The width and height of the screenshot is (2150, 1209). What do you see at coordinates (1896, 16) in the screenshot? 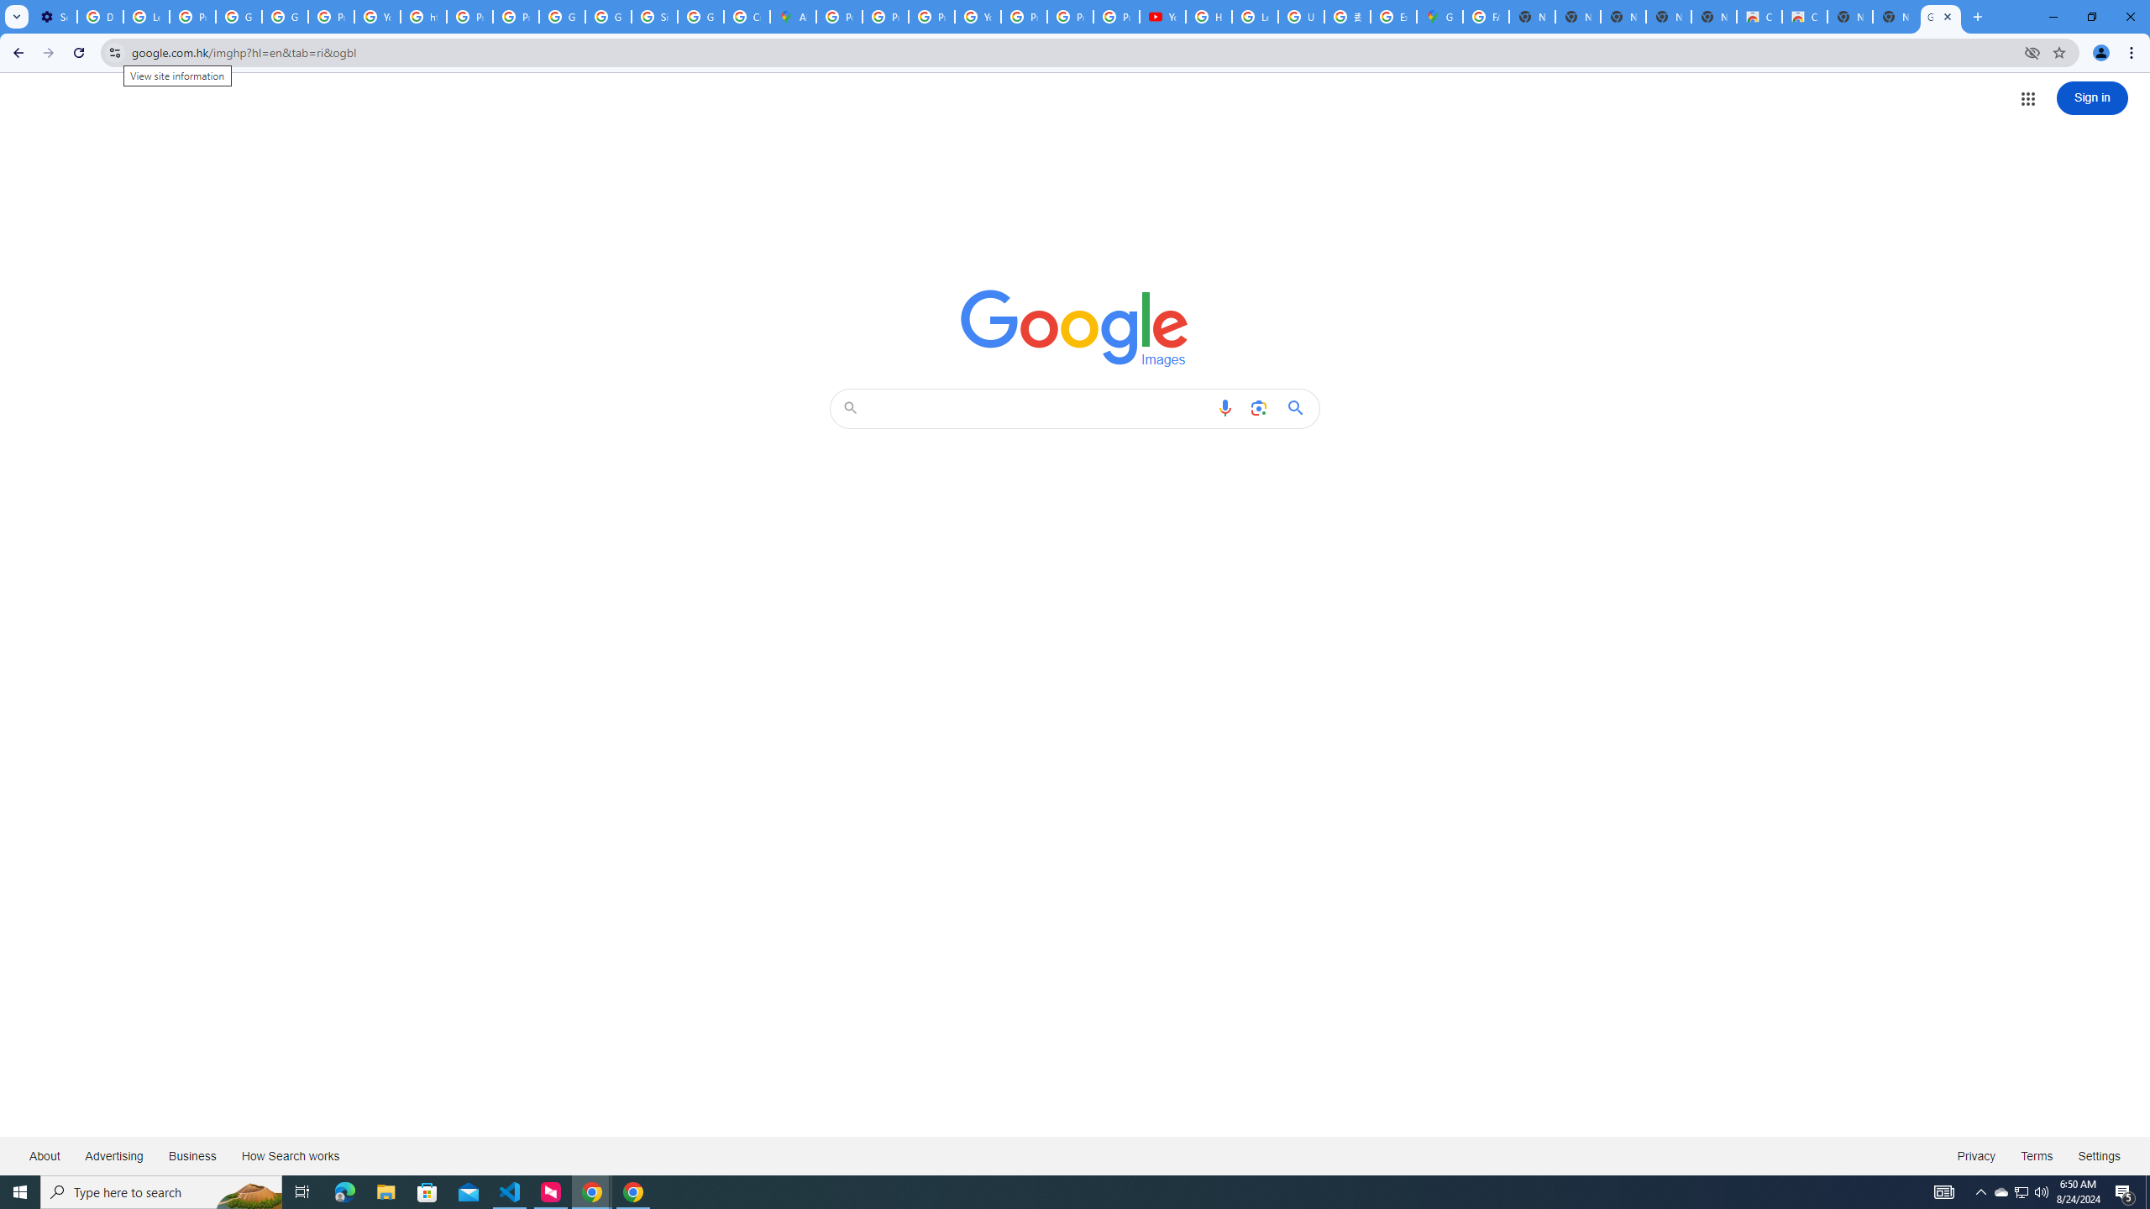
I see `'New Tab'` at bounding box center [1896, 16].